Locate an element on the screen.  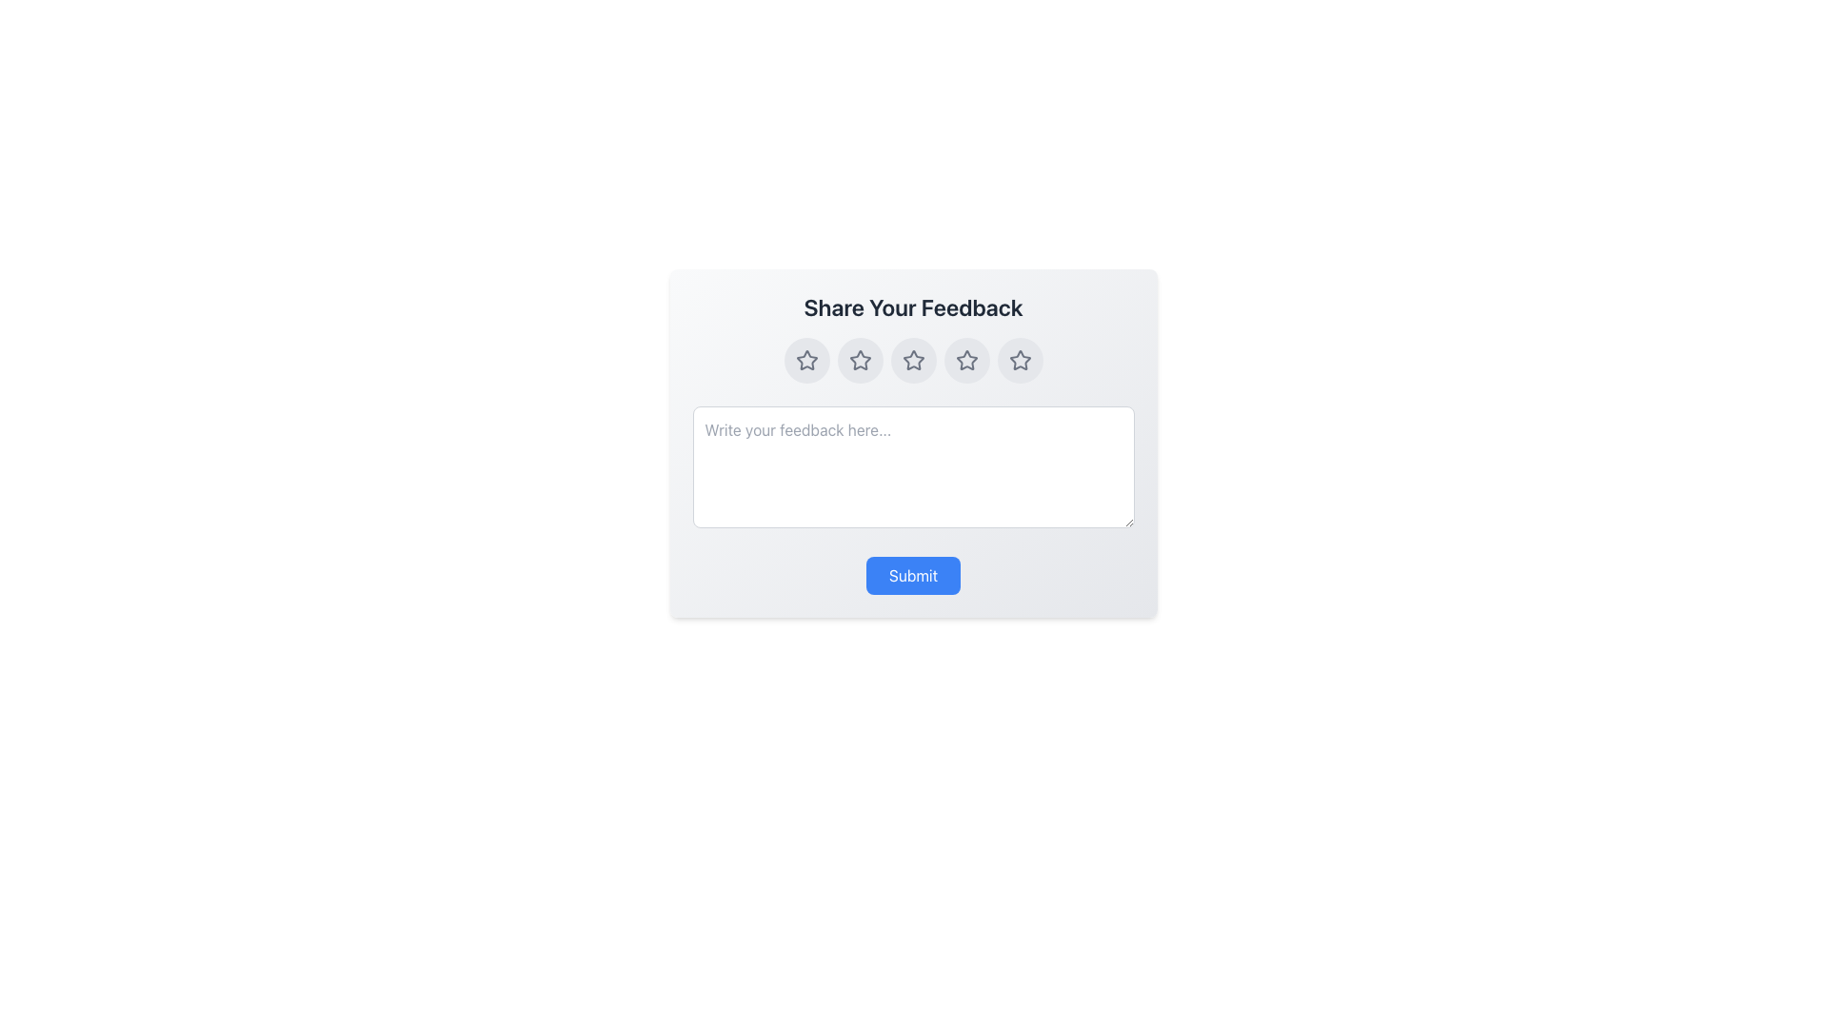
the second star-shaped icon is located at coordinates (859, 360).